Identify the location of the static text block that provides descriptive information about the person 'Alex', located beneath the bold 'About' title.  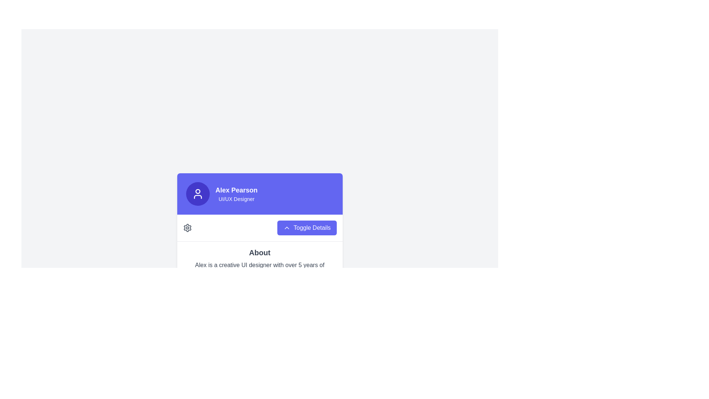
(260, 269).